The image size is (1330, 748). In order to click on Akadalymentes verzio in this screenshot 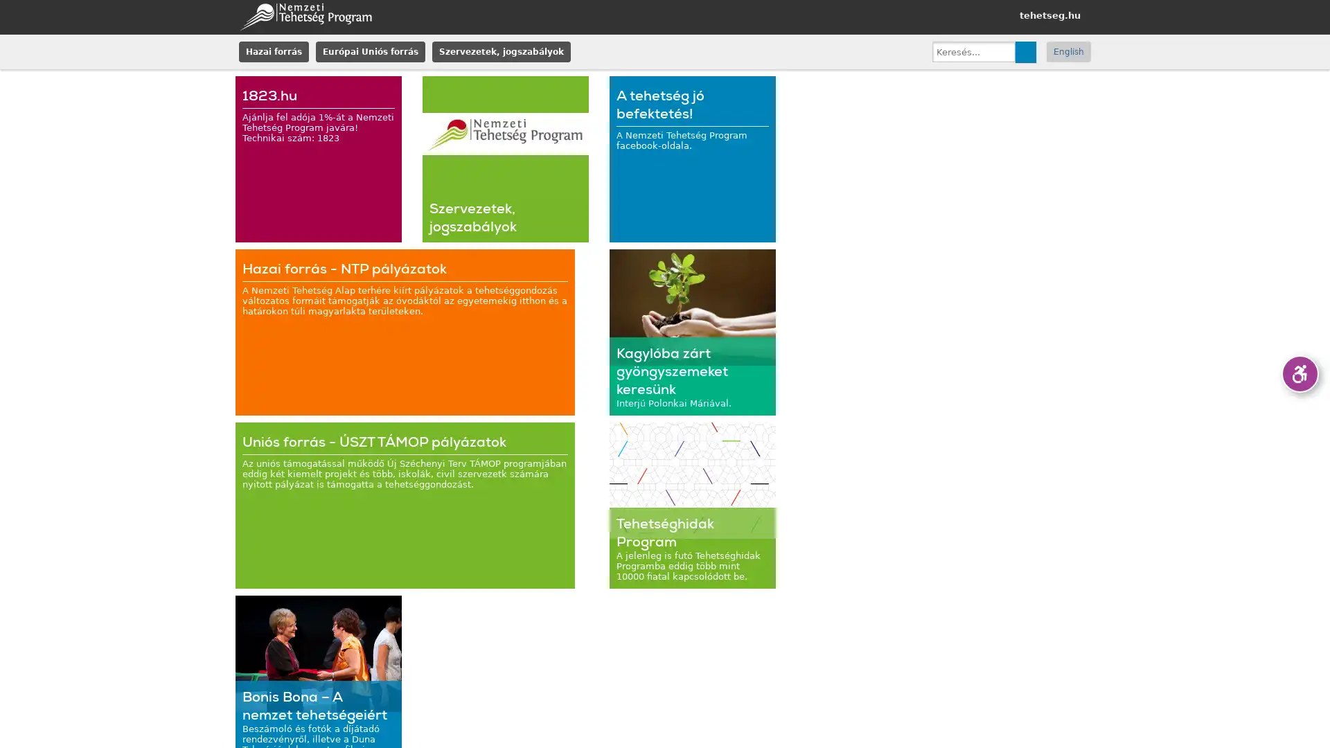, I will do `click(1299, 374)`.